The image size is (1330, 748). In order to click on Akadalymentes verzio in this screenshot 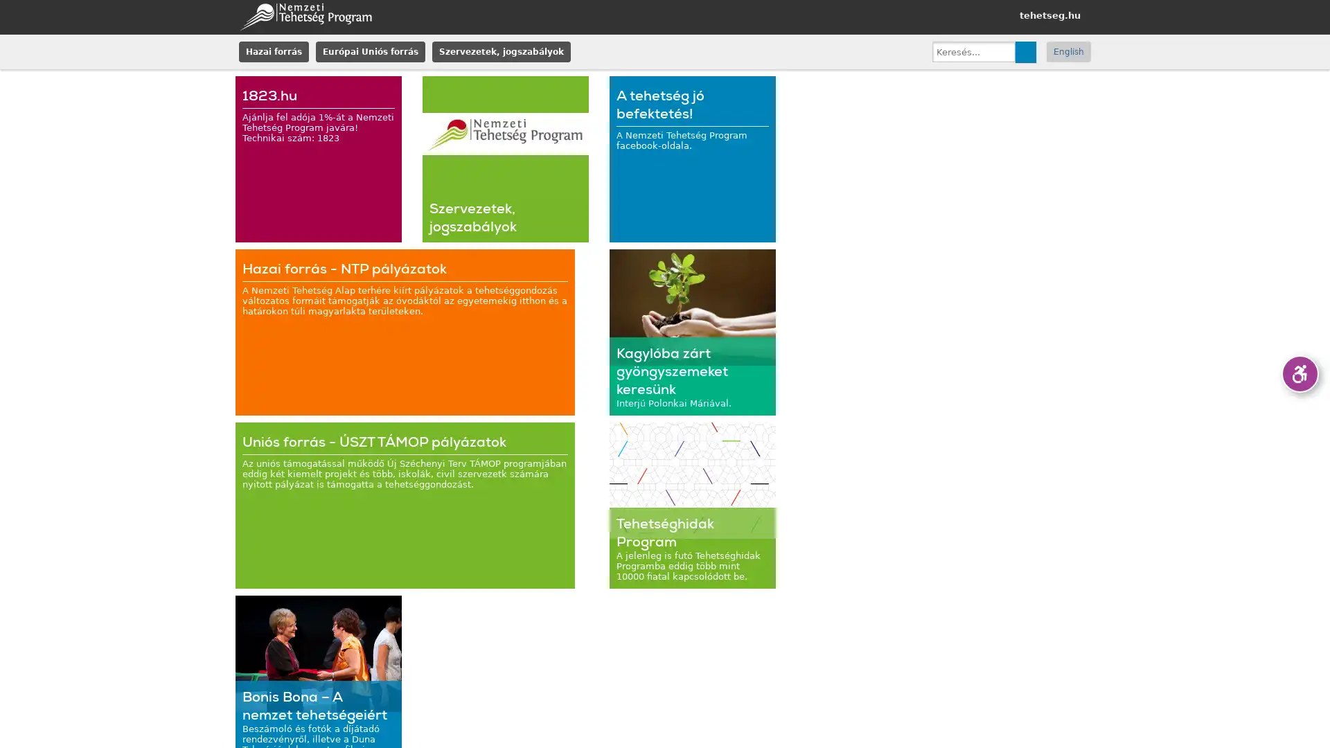, I will do `click(1299, 374)`.